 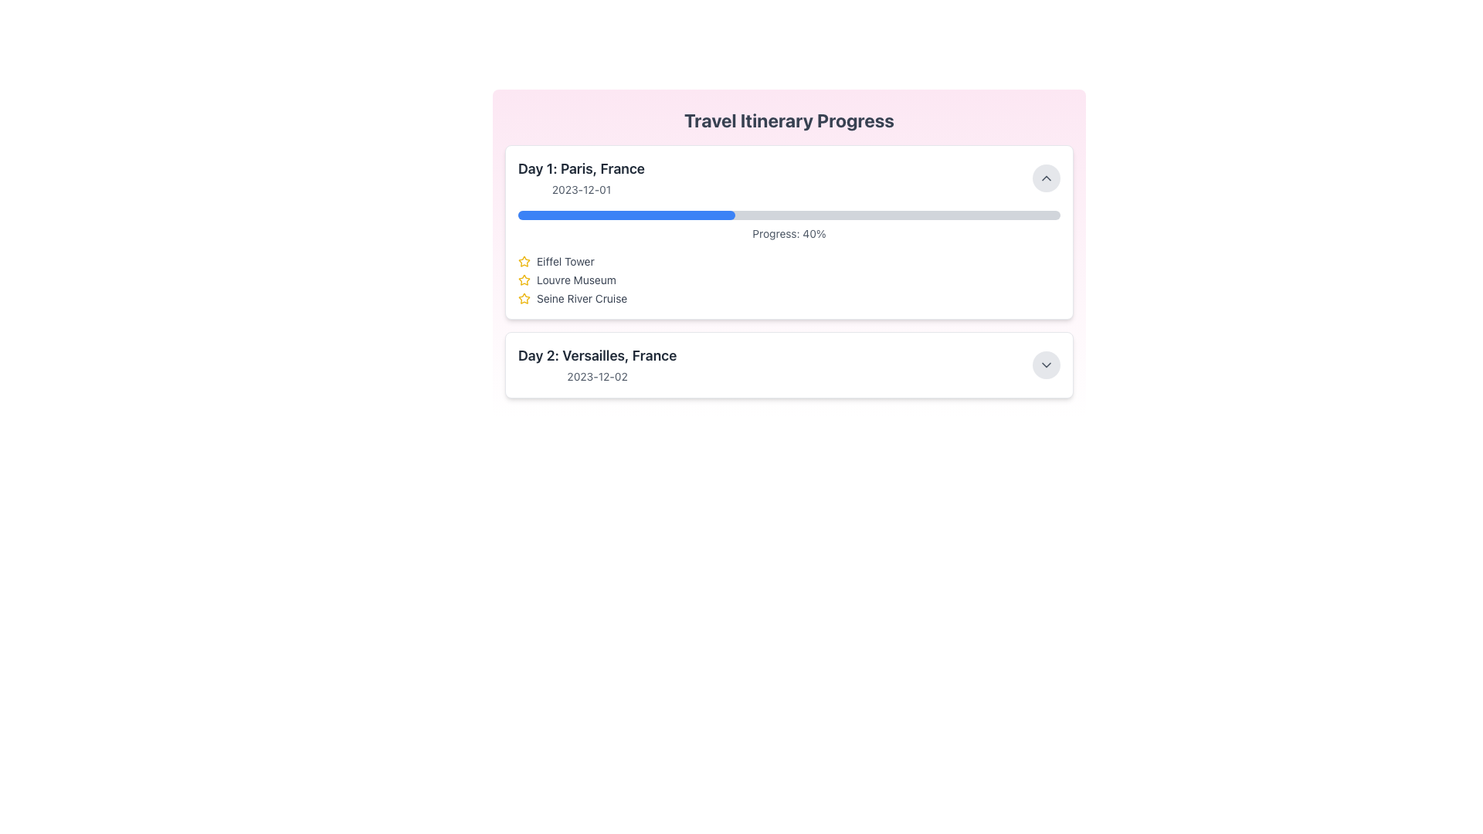 What do you see at coordinates (596, 376) in the screenshot?
I see `text indicating the specific date associated with 'Day 2: Versailles, France' located in the lower-right portion of the interface` at bounding box center [596, 376].